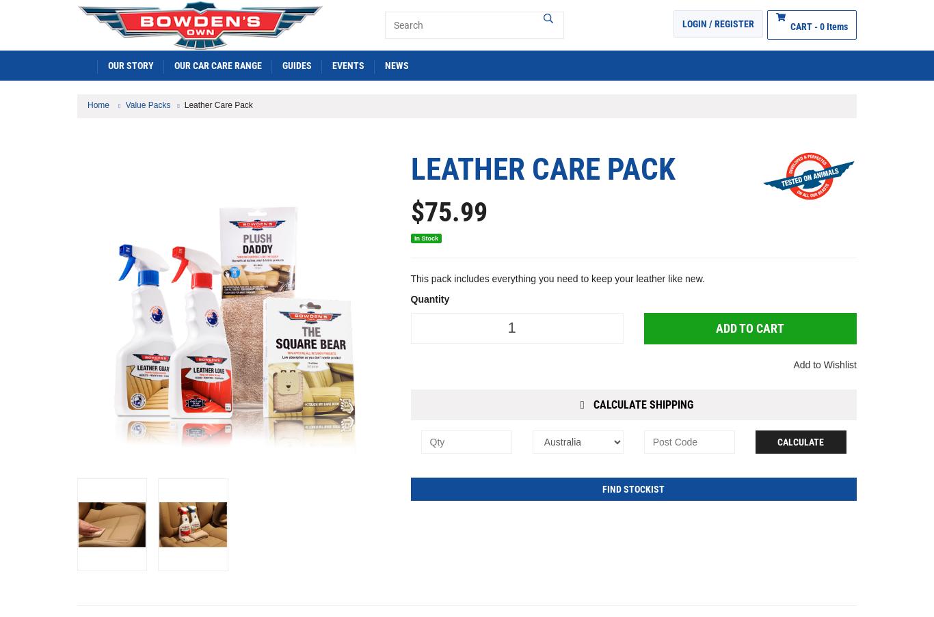  I want to click on 'Value Packs', so click(146, 103).